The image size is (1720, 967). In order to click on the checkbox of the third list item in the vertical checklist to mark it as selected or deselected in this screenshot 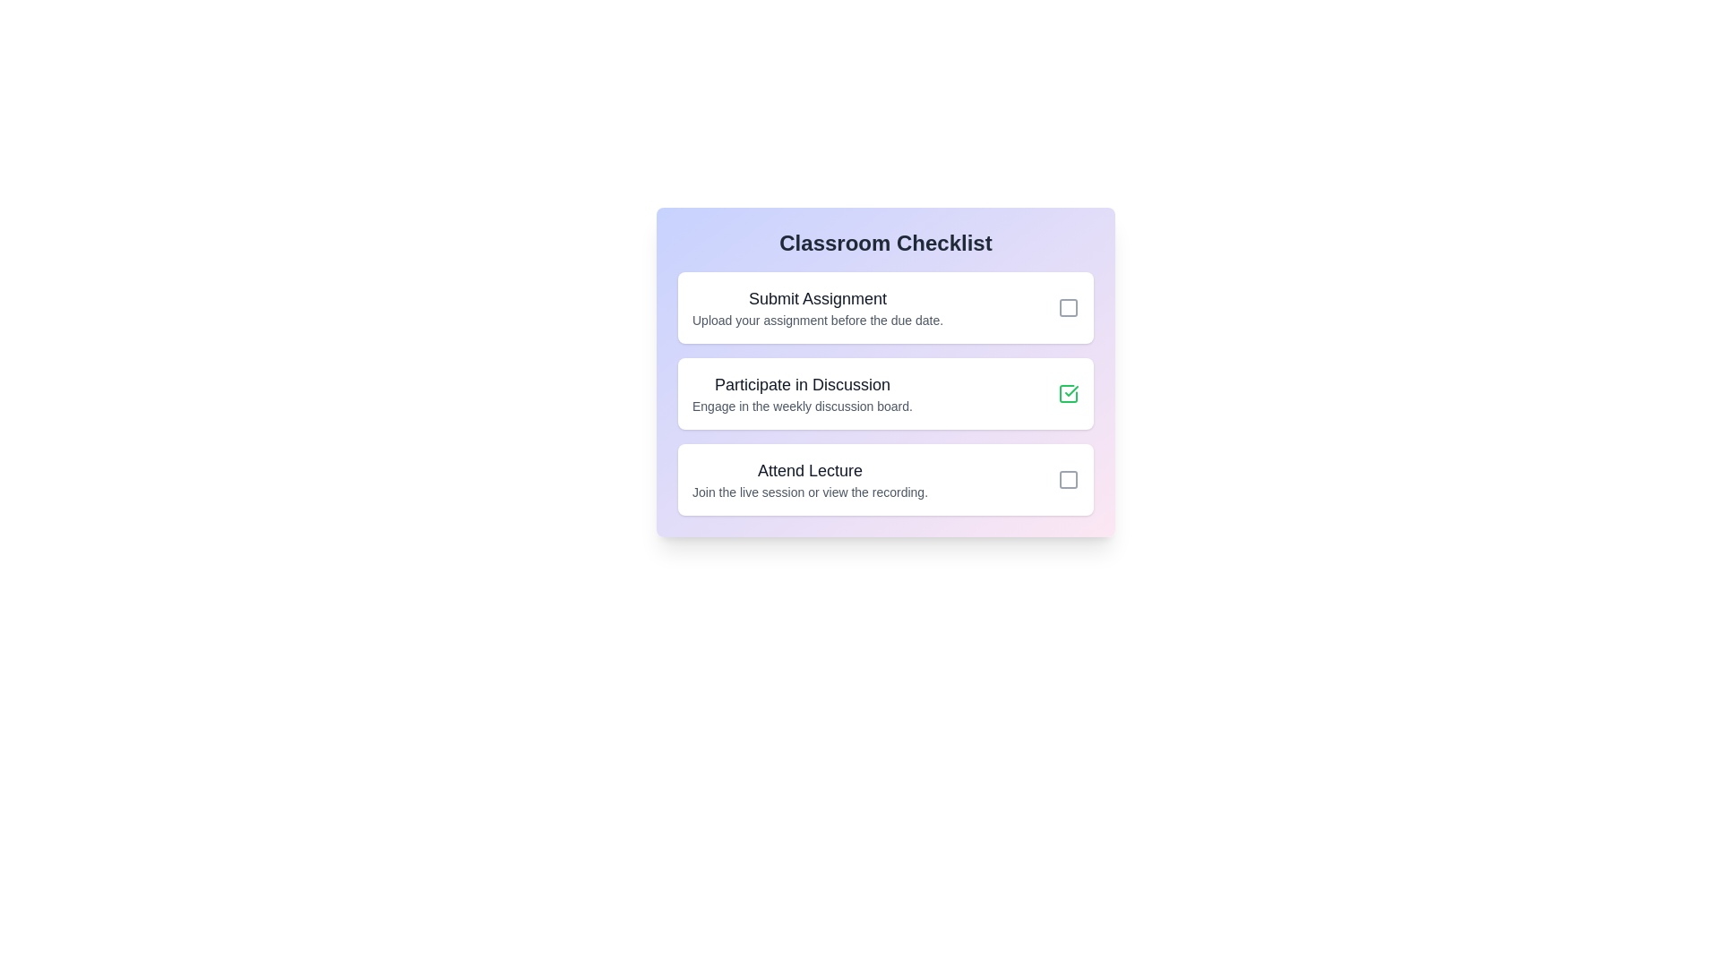, I will do `click(885, 479)`.